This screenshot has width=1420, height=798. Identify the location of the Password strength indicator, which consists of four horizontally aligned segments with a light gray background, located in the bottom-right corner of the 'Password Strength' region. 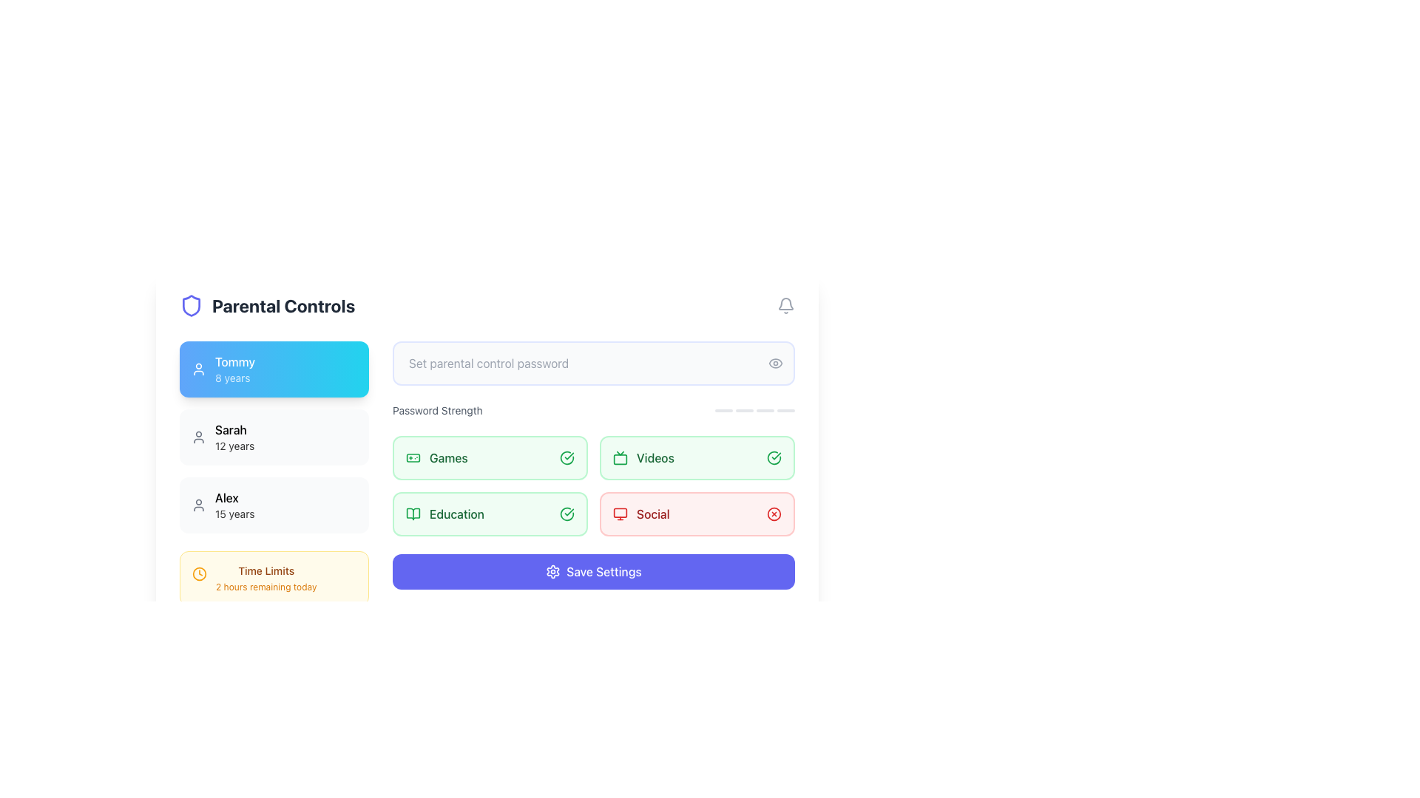
(755, 410).